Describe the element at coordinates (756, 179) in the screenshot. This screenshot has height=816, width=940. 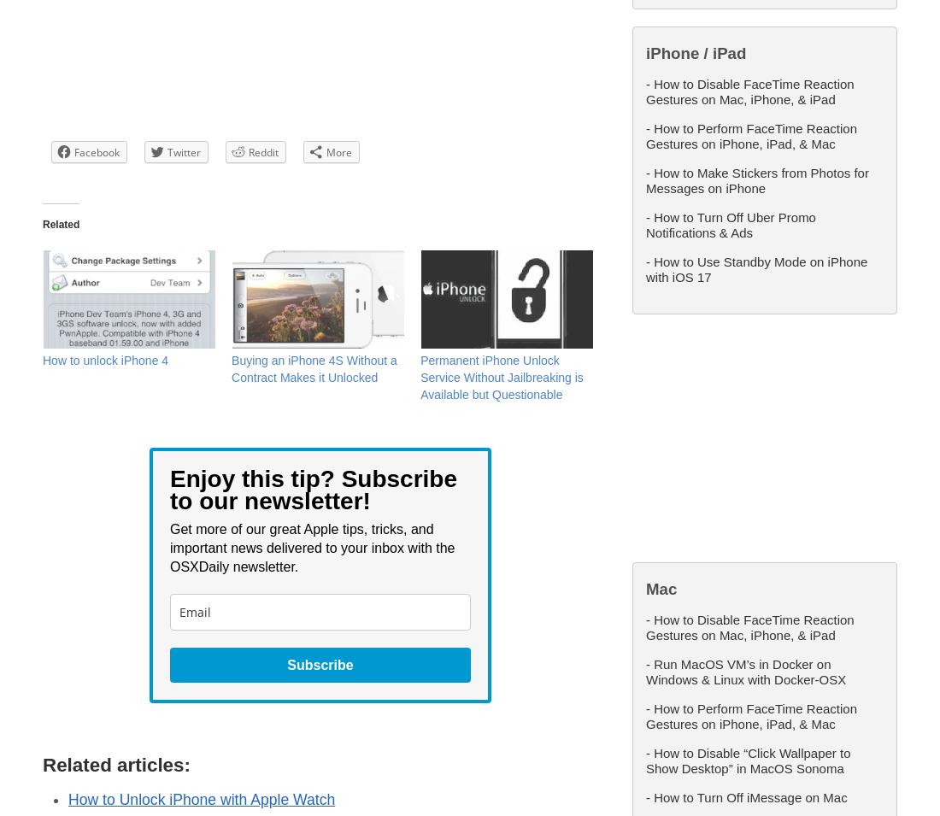
I see `'How to Make Stickers from Photos for Messages on iPhone'` at that location.